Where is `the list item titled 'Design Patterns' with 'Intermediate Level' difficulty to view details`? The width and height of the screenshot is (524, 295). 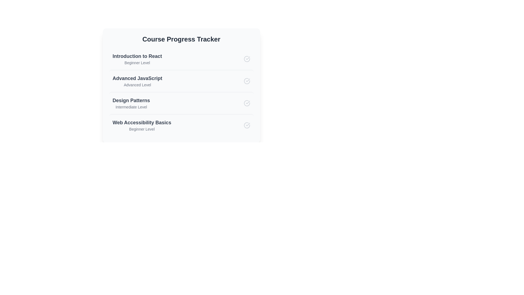 the list item titled 'Design Patterns' with 'Intermediate Level' difficulty to view details is located at coordinates (181, 103).